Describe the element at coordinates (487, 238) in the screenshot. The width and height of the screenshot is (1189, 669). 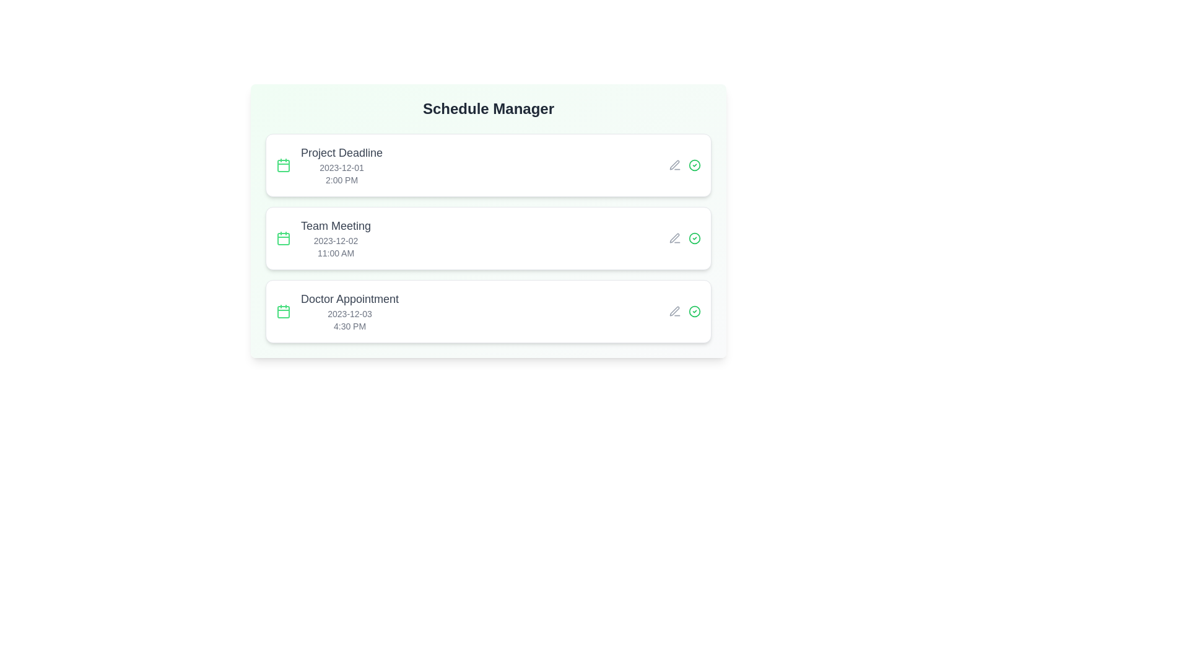
I see `the event titled 'Team Meeting' to view its details` at that location.